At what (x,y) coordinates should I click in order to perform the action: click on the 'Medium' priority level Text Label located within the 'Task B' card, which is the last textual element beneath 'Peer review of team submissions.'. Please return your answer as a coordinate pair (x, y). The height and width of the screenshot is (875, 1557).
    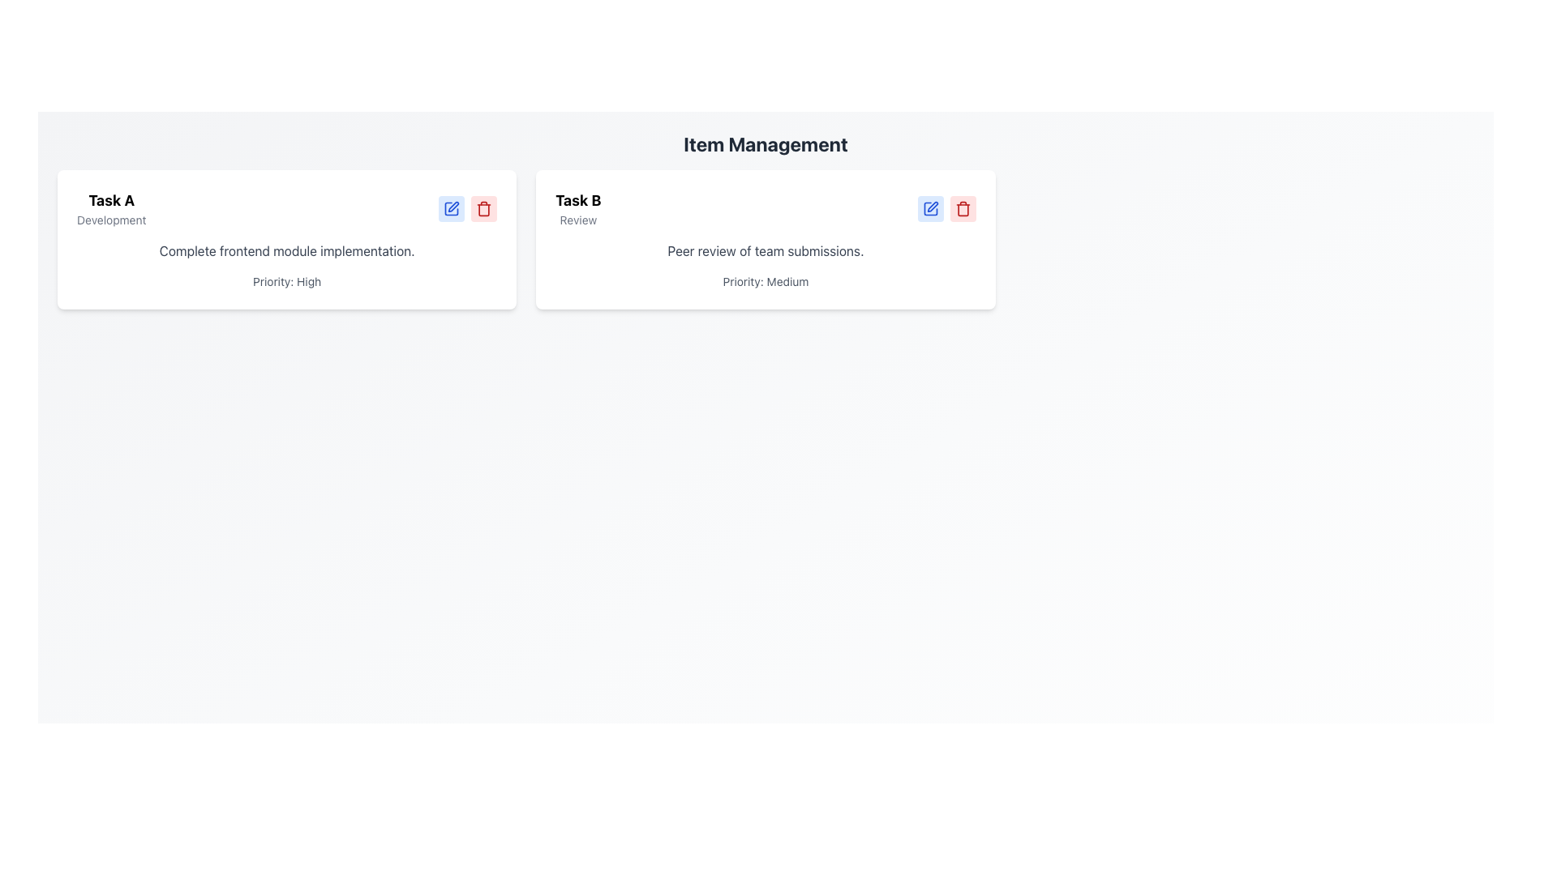
    Looking at the image, I should click on (765, 280).